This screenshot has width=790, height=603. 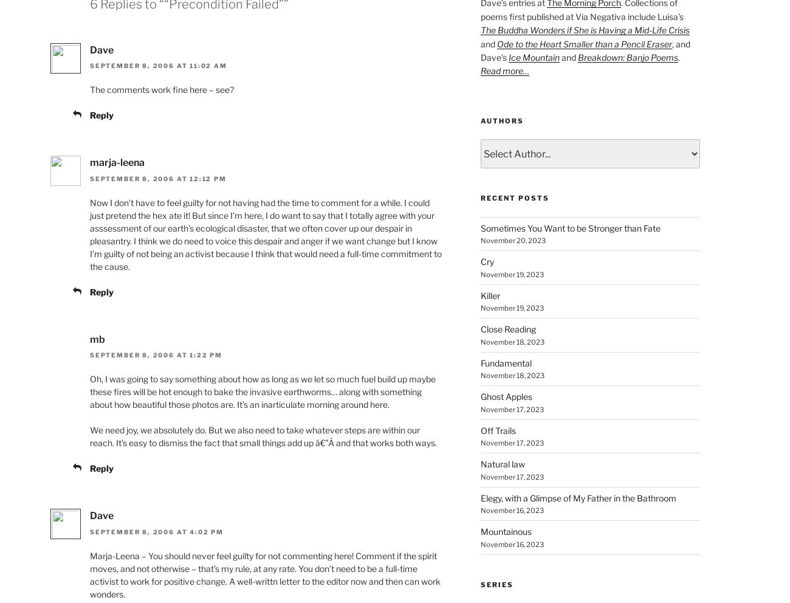 I want to click on 'September 8, 2006 at 1:22 pm', so click(x=155, y=354).